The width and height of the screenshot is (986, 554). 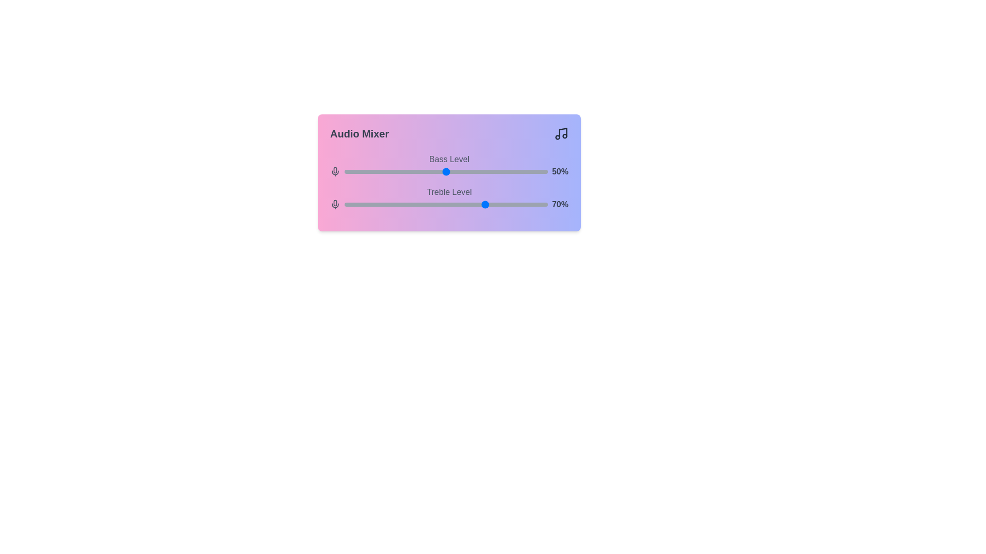 What do you see at coordinates (440, 171) in the screenshot?
I see `the 0 slider to 47%` at bounding box center [440, 171].